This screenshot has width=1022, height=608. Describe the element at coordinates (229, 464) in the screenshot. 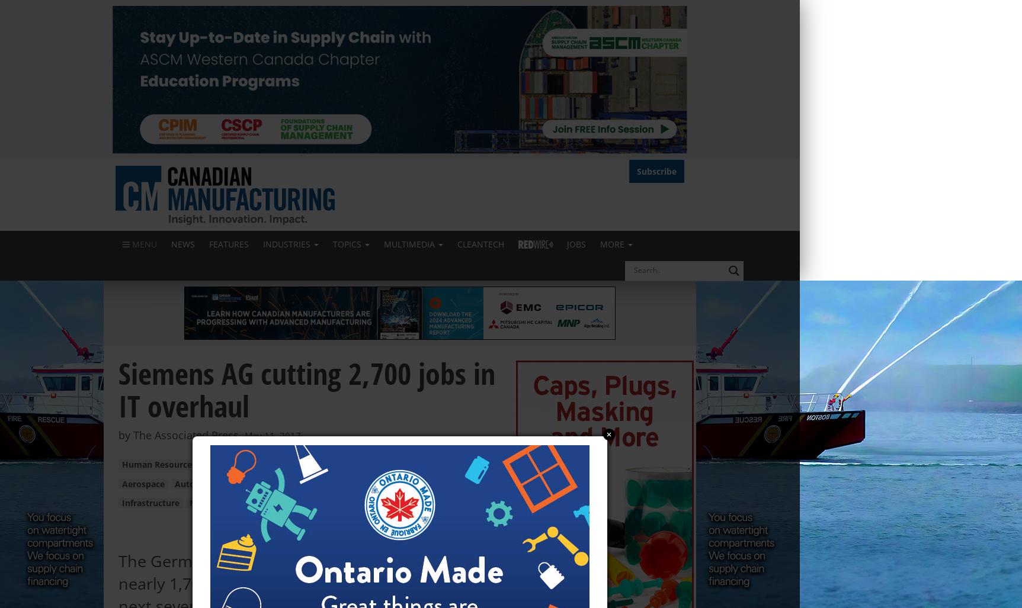

I see `'Operations'` at that location.